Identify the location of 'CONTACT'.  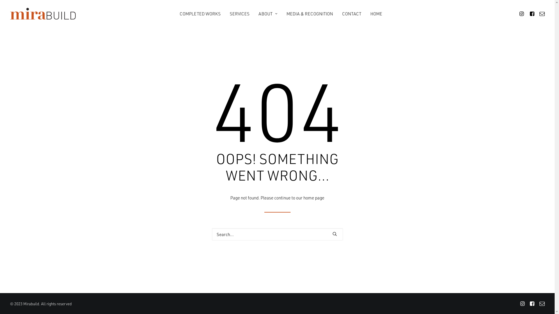
(351, 13).